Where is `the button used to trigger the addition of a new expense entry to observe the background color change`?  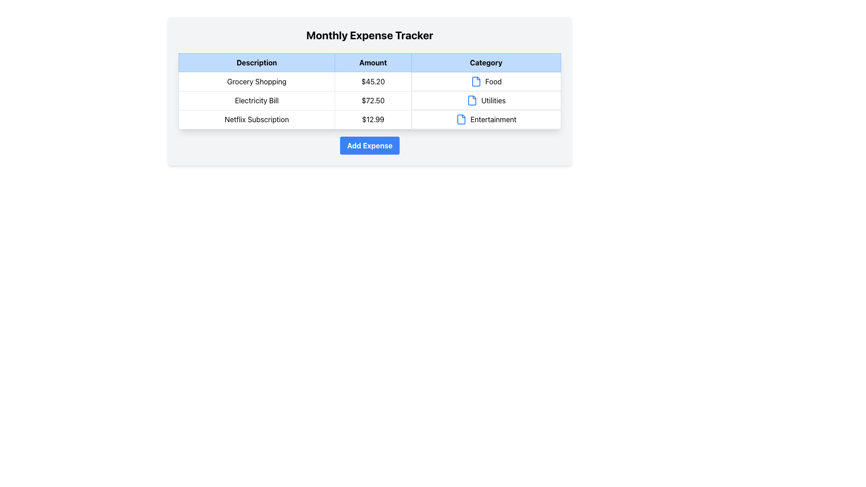 the button used to trigger the addition of a new expense entry to observe the background color change is located at coordinates (370, 145).